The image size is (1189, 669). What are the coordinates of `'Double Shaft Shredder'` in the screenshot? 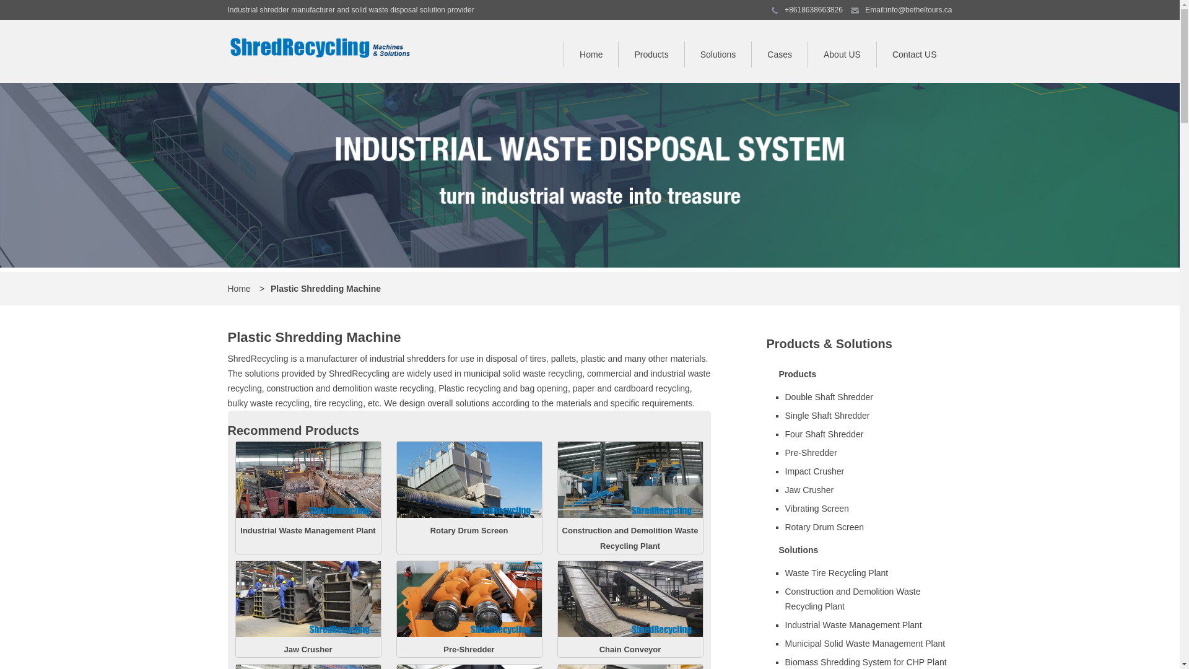 It's located at (866, 396).